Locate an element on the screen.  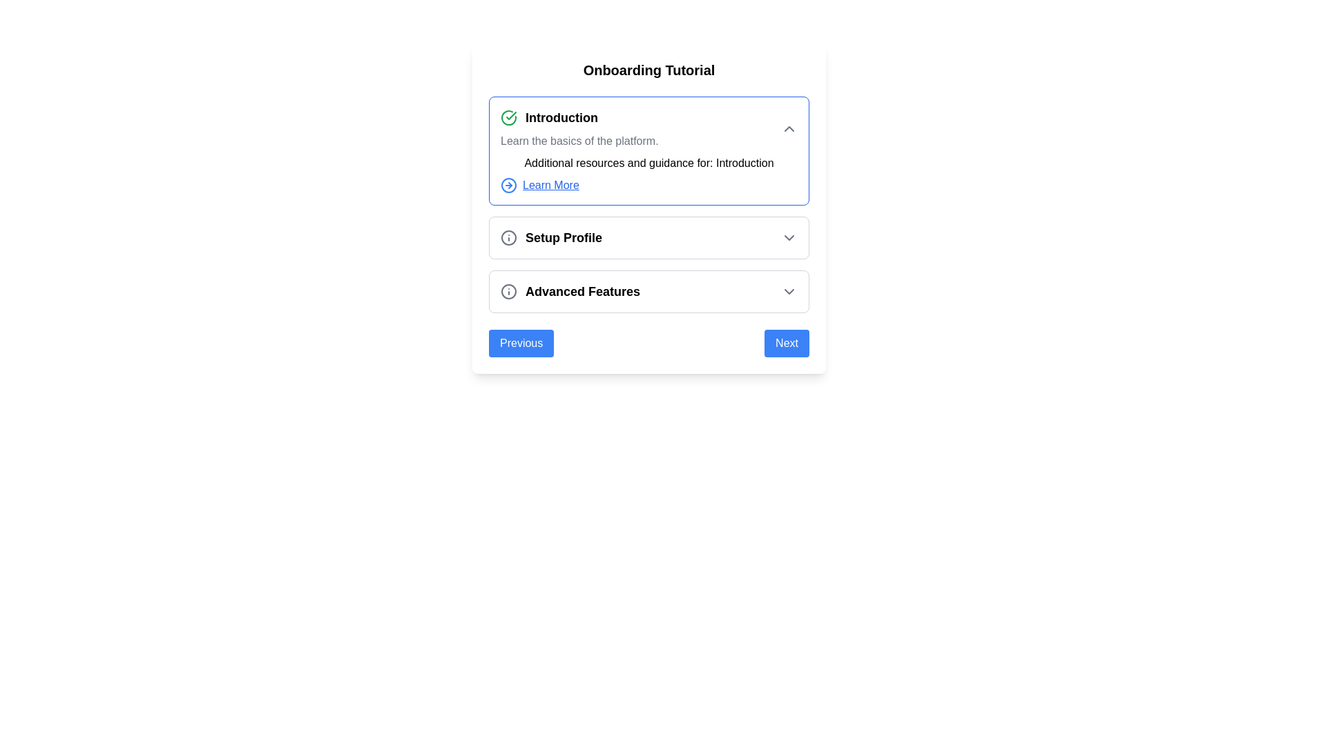
the third item in the vertical list that expands the advanced features section of the onboarding tutorial is located at coordinates (648, 291).